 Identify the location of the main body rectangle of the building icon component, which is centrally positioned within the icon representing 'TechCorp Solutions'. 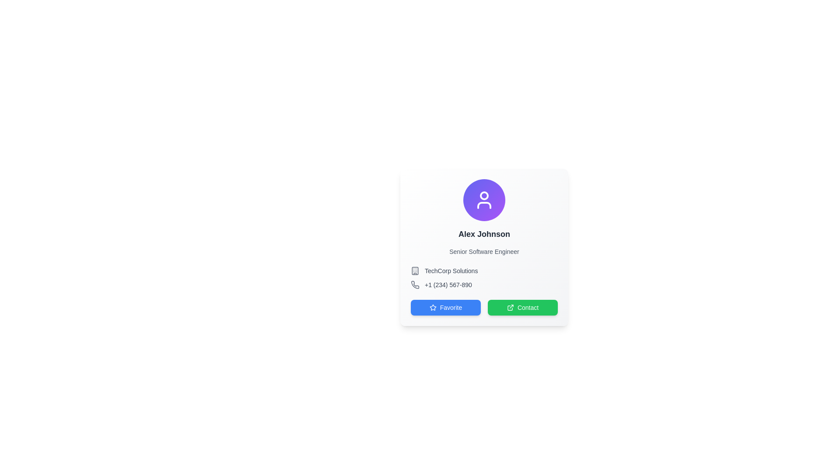
(415, 271).